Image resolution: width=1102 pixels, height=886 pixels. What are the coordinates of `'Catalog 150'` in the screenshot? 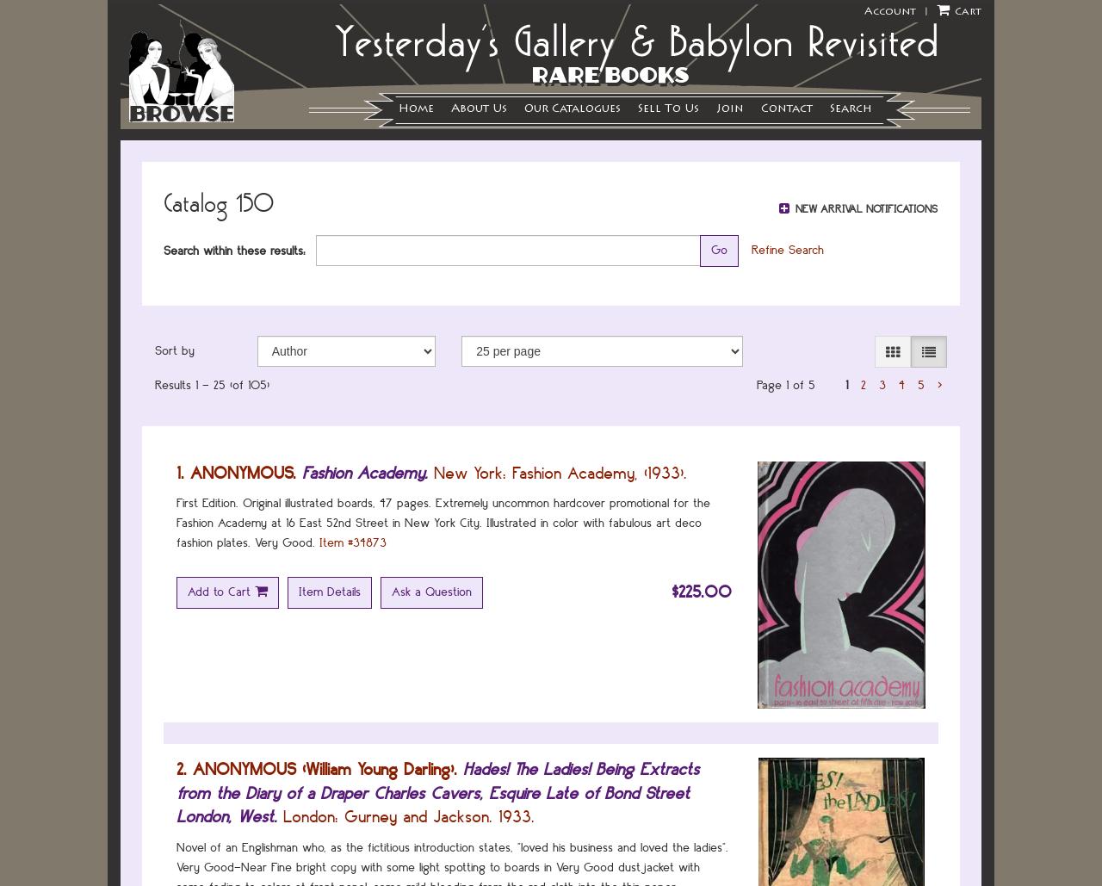 It's located at (217, 201).